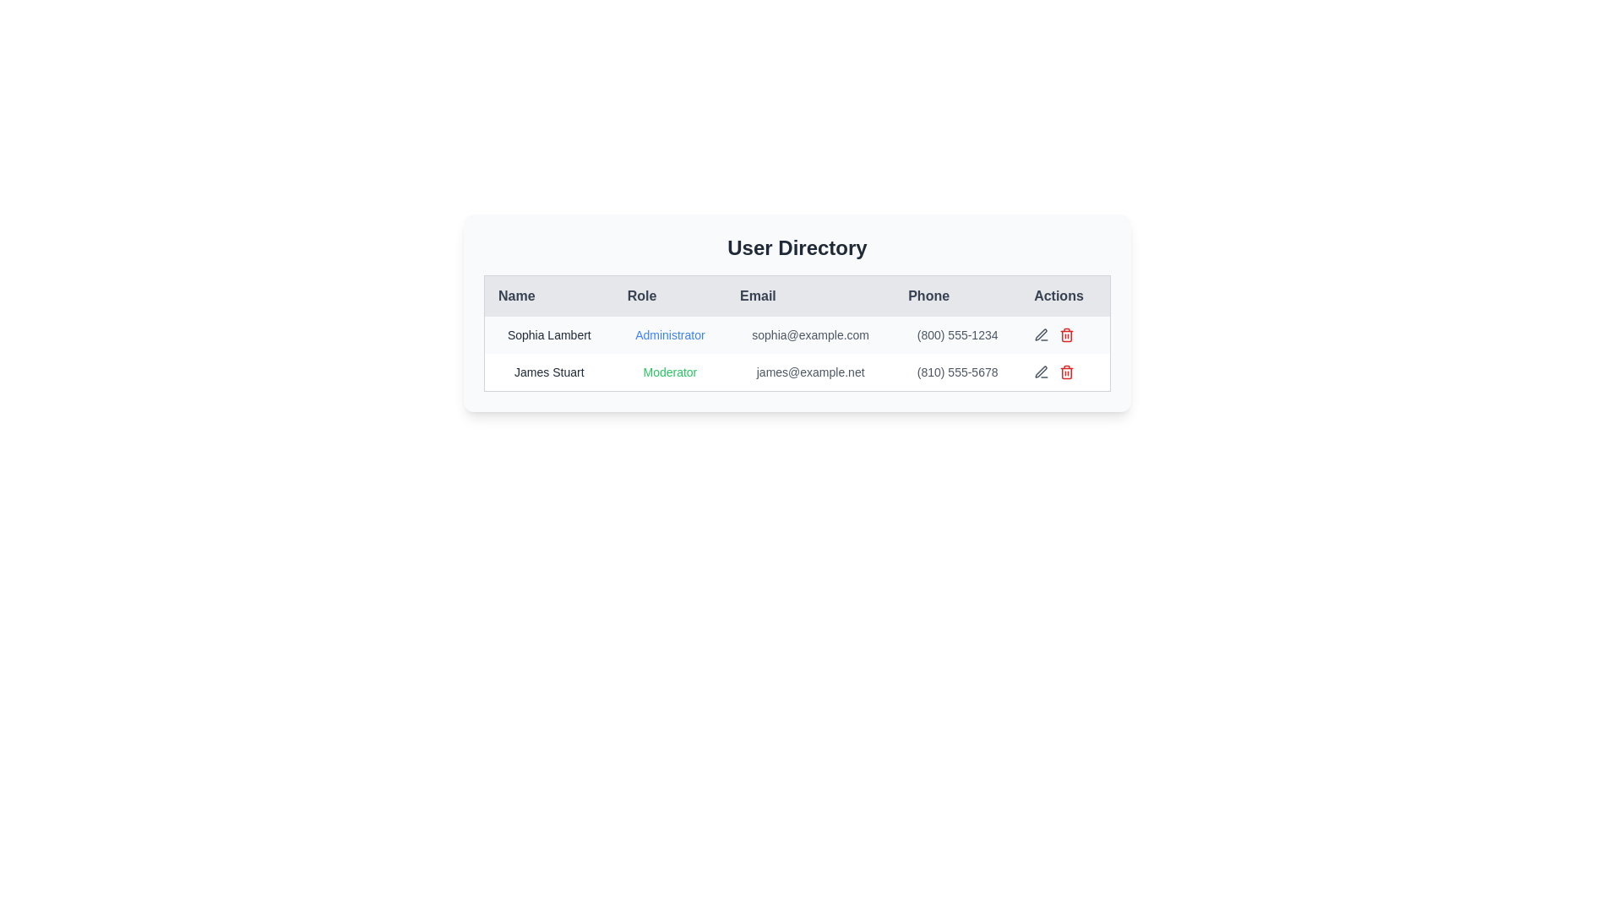  Describe the element at coordinates (1064, 335) in the screenshot. I see `the red-colored trash can icon button located at the rightmost end of the first row in the 'Actions' column of the user directory` at that location.